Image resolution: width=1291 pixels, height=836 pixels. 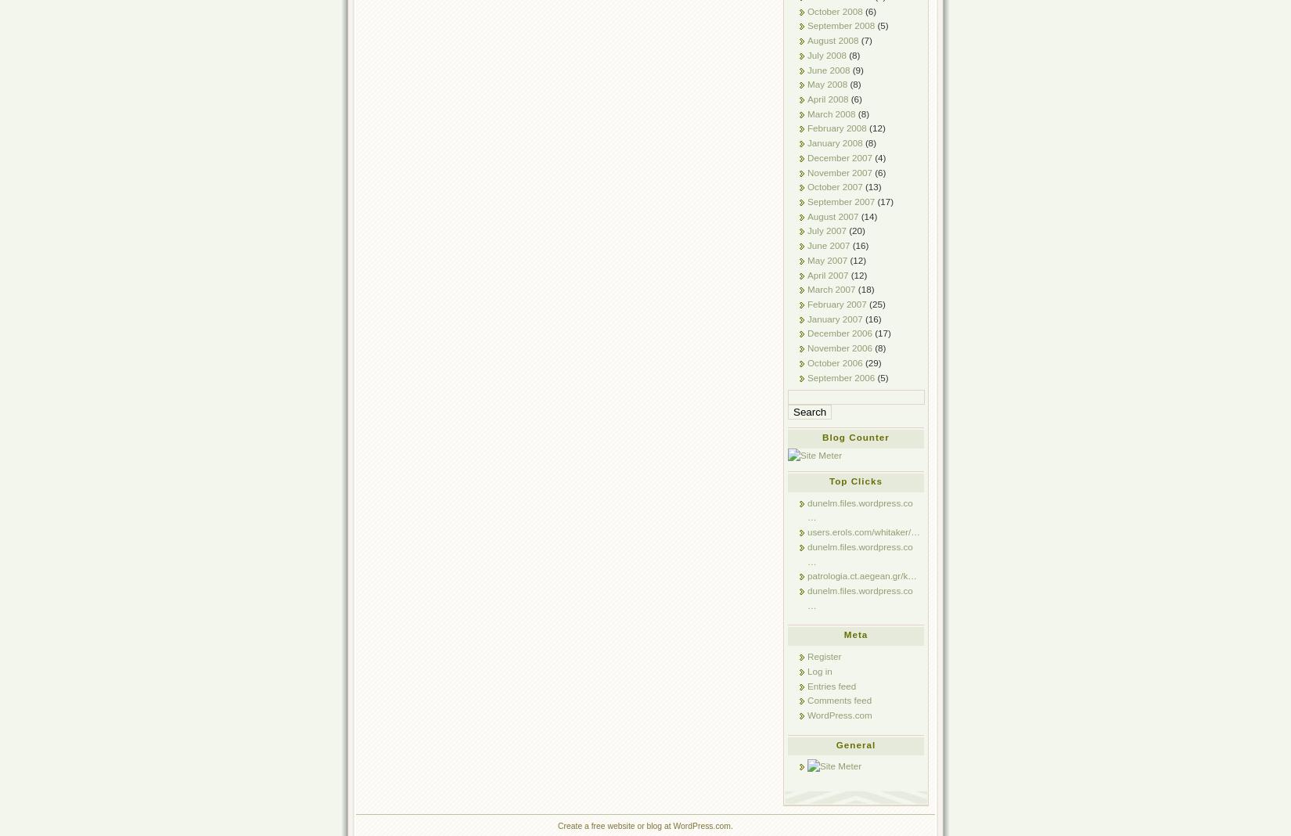 I want to click on 'October 2007', so click(x=835, y=186).